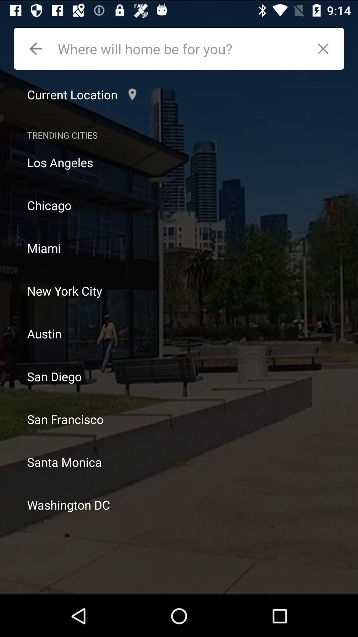  I want to click on the item above chicago item, so click(179, 162).